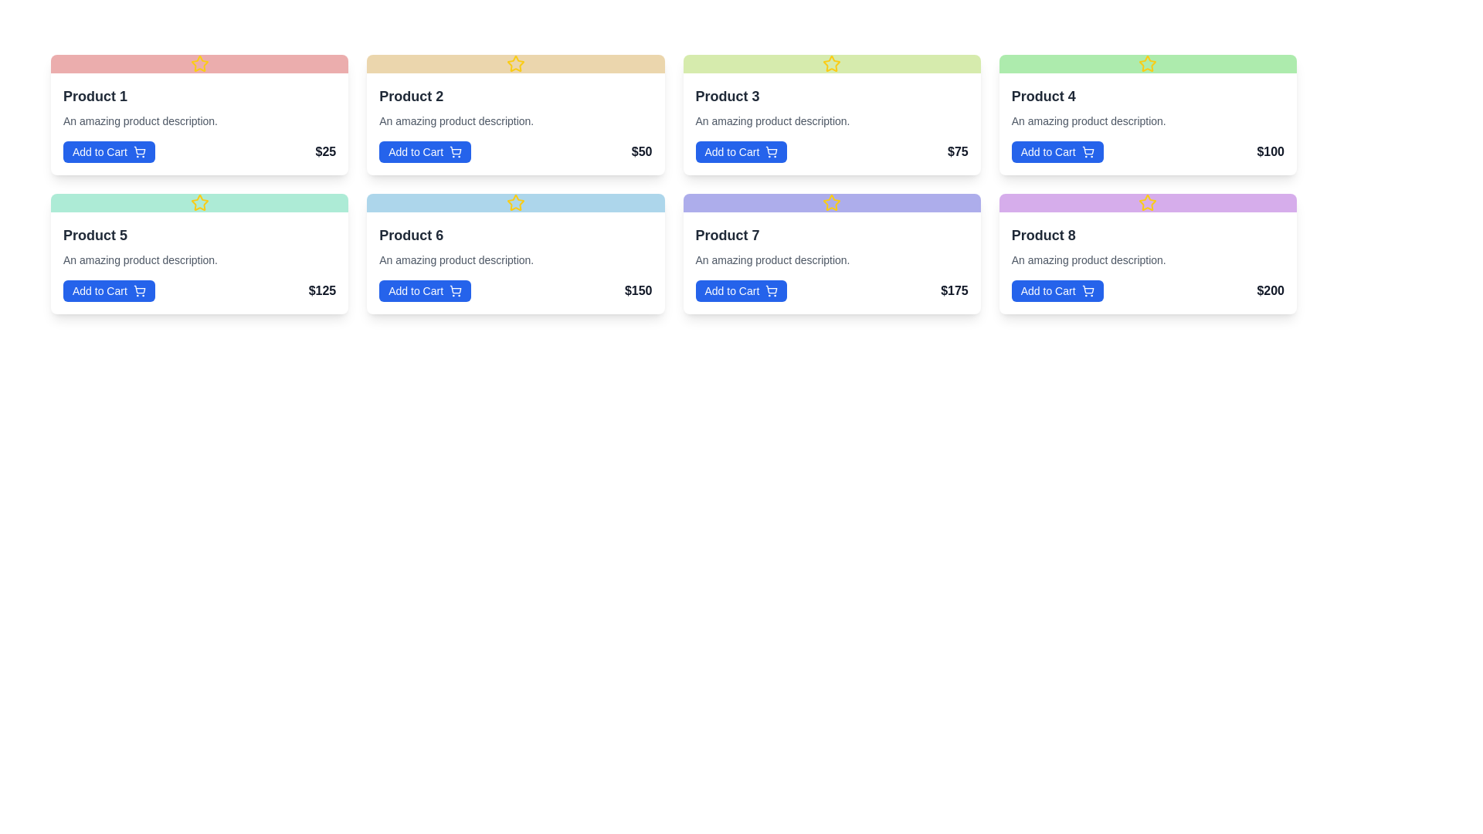 This screenshot has height=834, width=1483. Describe the element at coordinates (108, 291) in the screenshot. I see `the 'Add to Cart' button with a blue background and white text located in the bottom-left corner of the product card labeled 'Product 5'` at that location.